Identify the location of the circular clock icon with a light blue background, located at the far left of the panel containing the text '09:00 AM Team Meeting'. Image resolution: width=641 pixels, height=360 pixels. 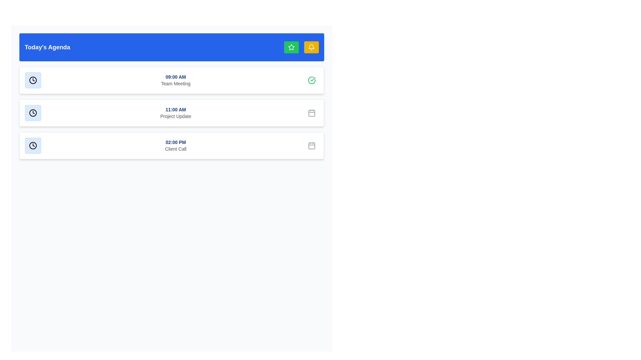
(33, 80).